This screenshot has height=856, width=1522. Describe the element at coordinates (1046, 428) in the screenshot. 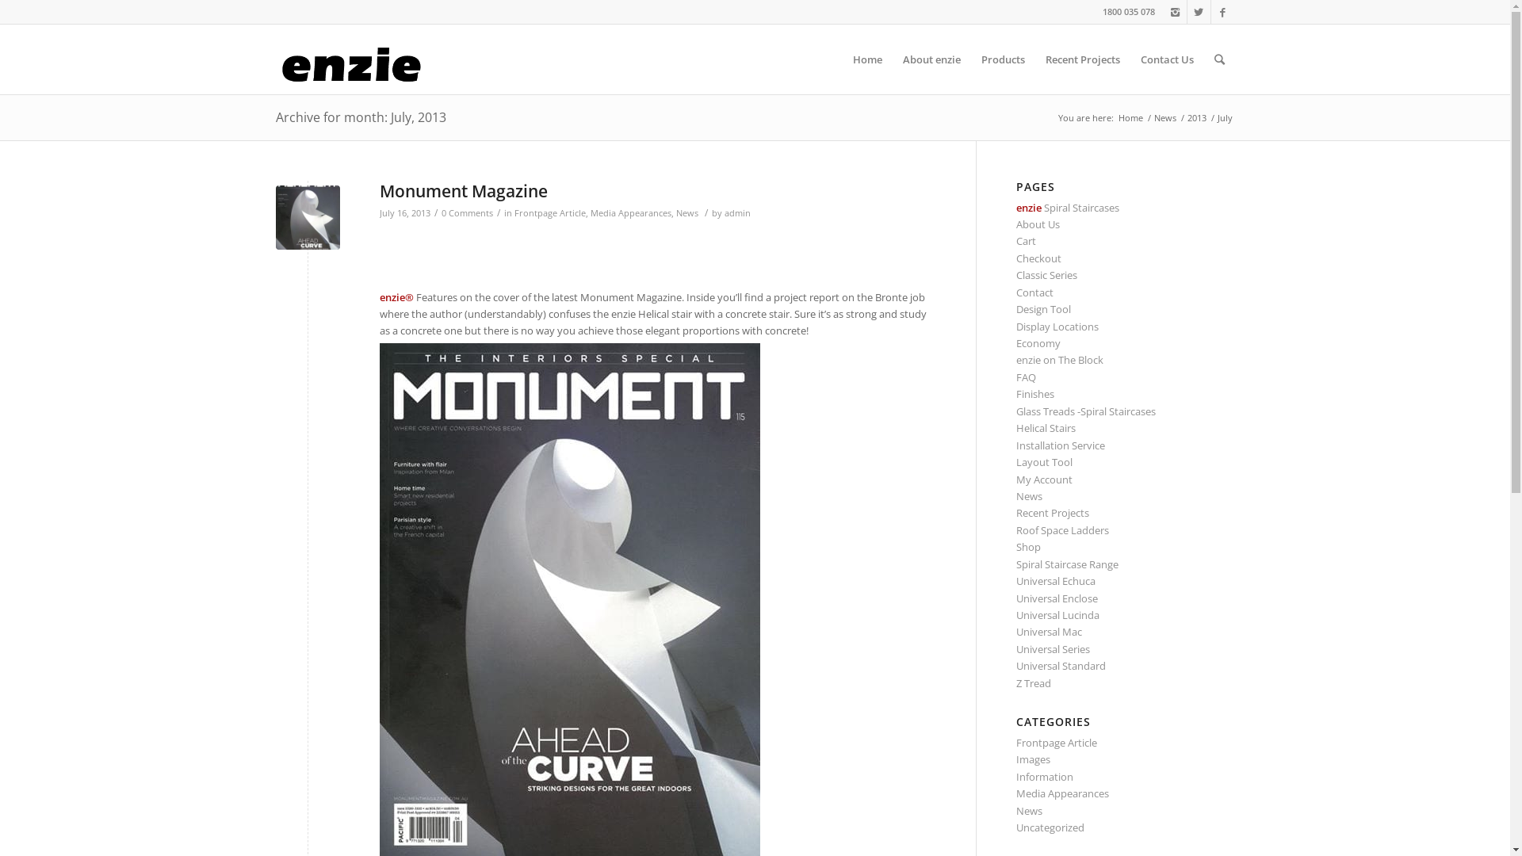

I see `'Helical Stairs'` at that location.